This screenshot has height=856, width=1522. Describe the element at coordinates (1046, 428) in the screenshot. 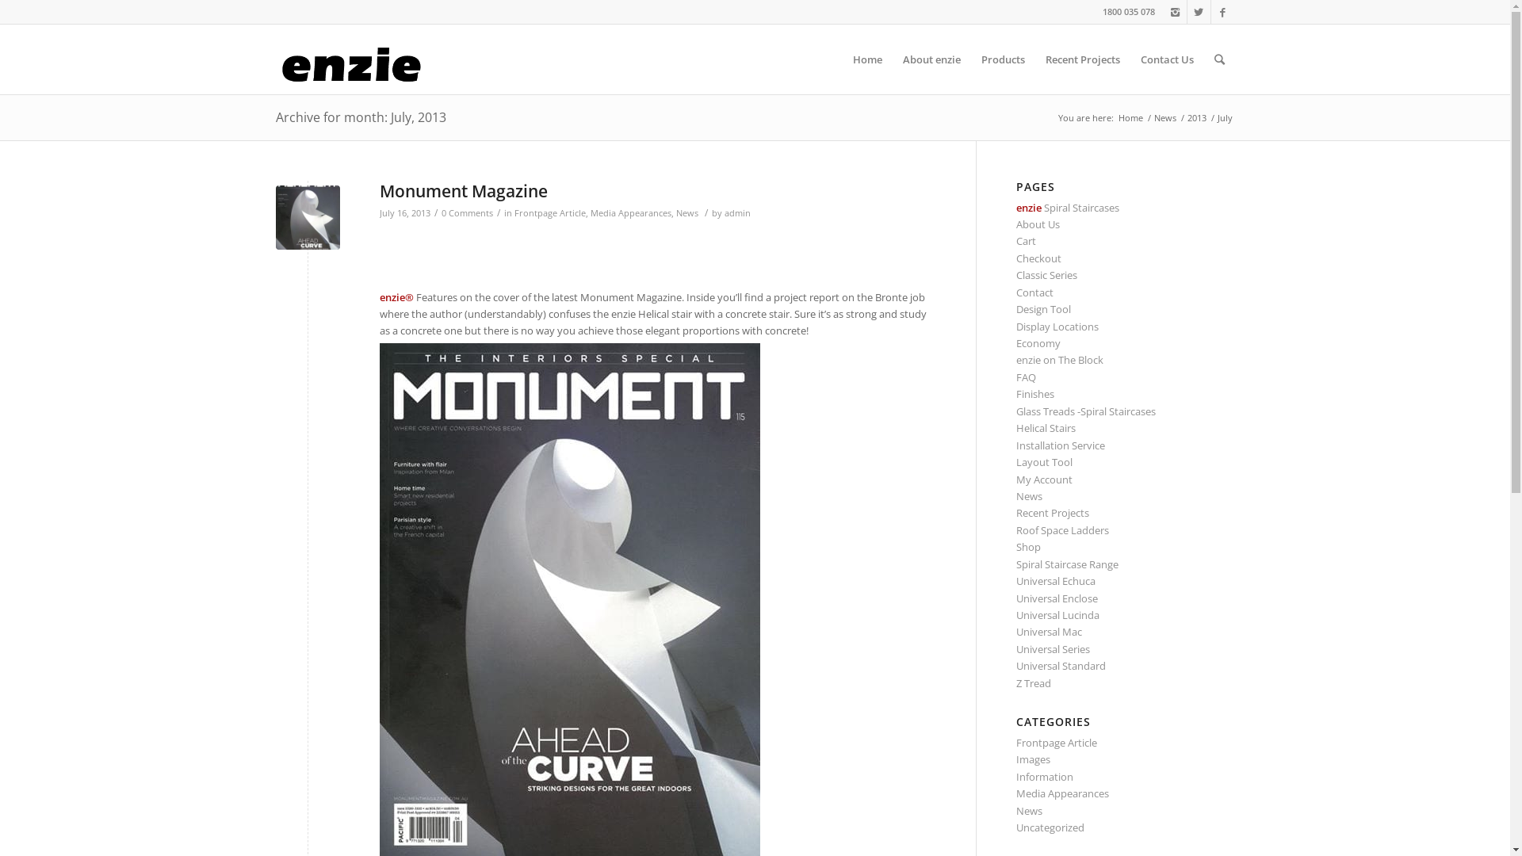

I see `'Helical Stairs'` at that location.